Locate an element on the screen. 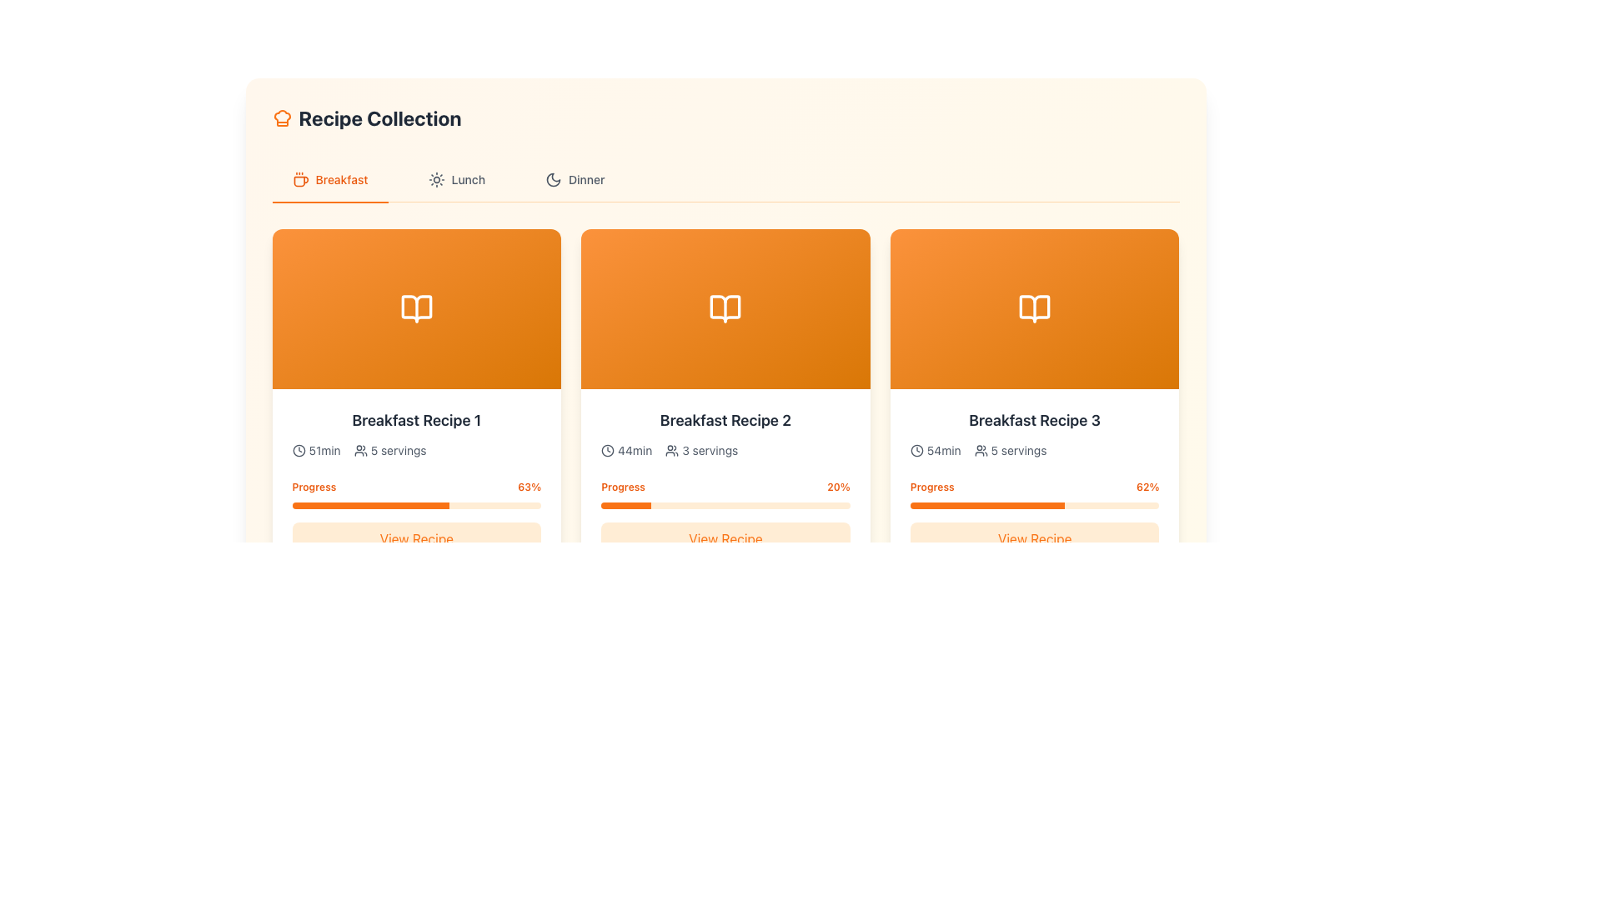 This screenshot has height=900, width=1601. the progress bar representing 62% completion for the 'Breakfast Recipe 3', which is styled in orange and located between the preparation time and the 'View Recipe' button is located at coordinates (1034, 490).